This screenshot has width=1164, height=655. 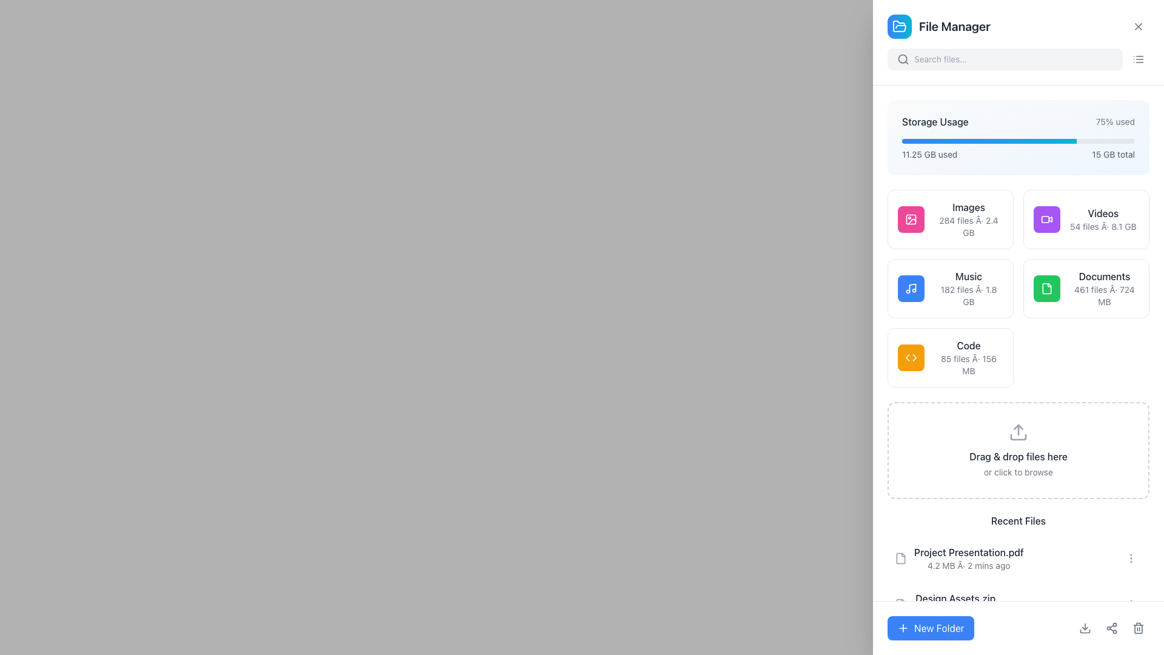 I want to click on metadata text element displaying '156 MB · 1 hour ago' located below the file name 'Design Assets.zip' in the Recent Files list, so click(x=955, y=612).